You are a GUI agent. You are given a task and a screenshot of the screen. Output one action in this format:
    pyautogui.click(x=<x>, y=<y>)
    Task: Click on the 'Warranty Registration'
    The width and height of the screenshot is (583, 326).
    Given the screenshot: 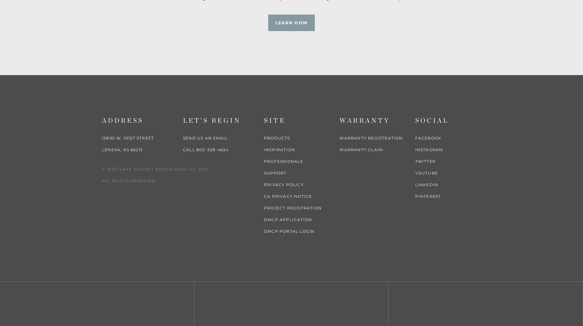 What is the action you would take?
    pyautogui.click(x=371, y=138)
    